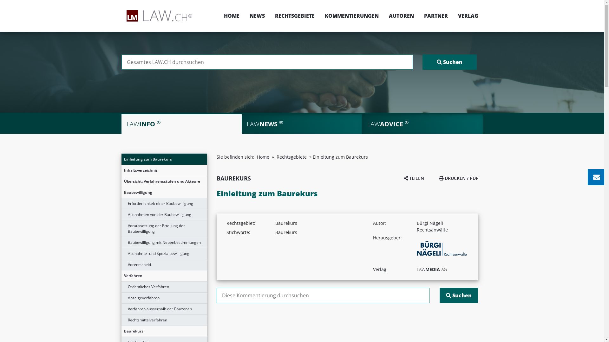 The width and height of the screenshot is (609, 342). What do you see at coordinates (263, 157) in the screenshot?
I see `'Home'` at bounding box center [263, 157].